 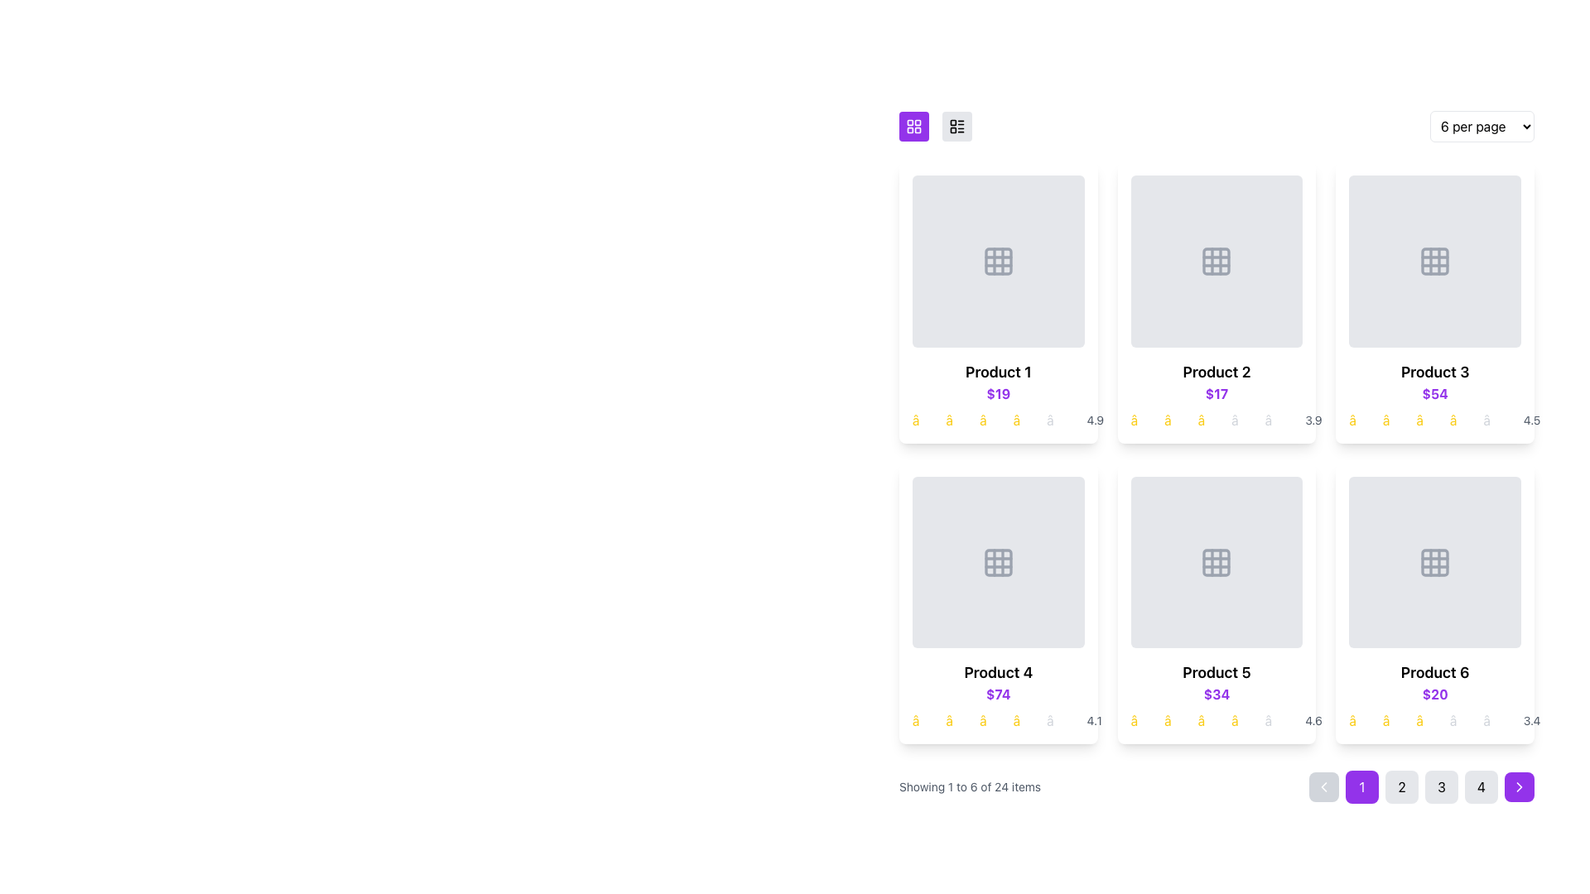 What do you see at coordinates (1434, 673) in the screenshot?
I see `the text label that serves as the title of the product in the sixth product card located in the bottom-right position of the grid layout` at bounding box center [1434, 673].